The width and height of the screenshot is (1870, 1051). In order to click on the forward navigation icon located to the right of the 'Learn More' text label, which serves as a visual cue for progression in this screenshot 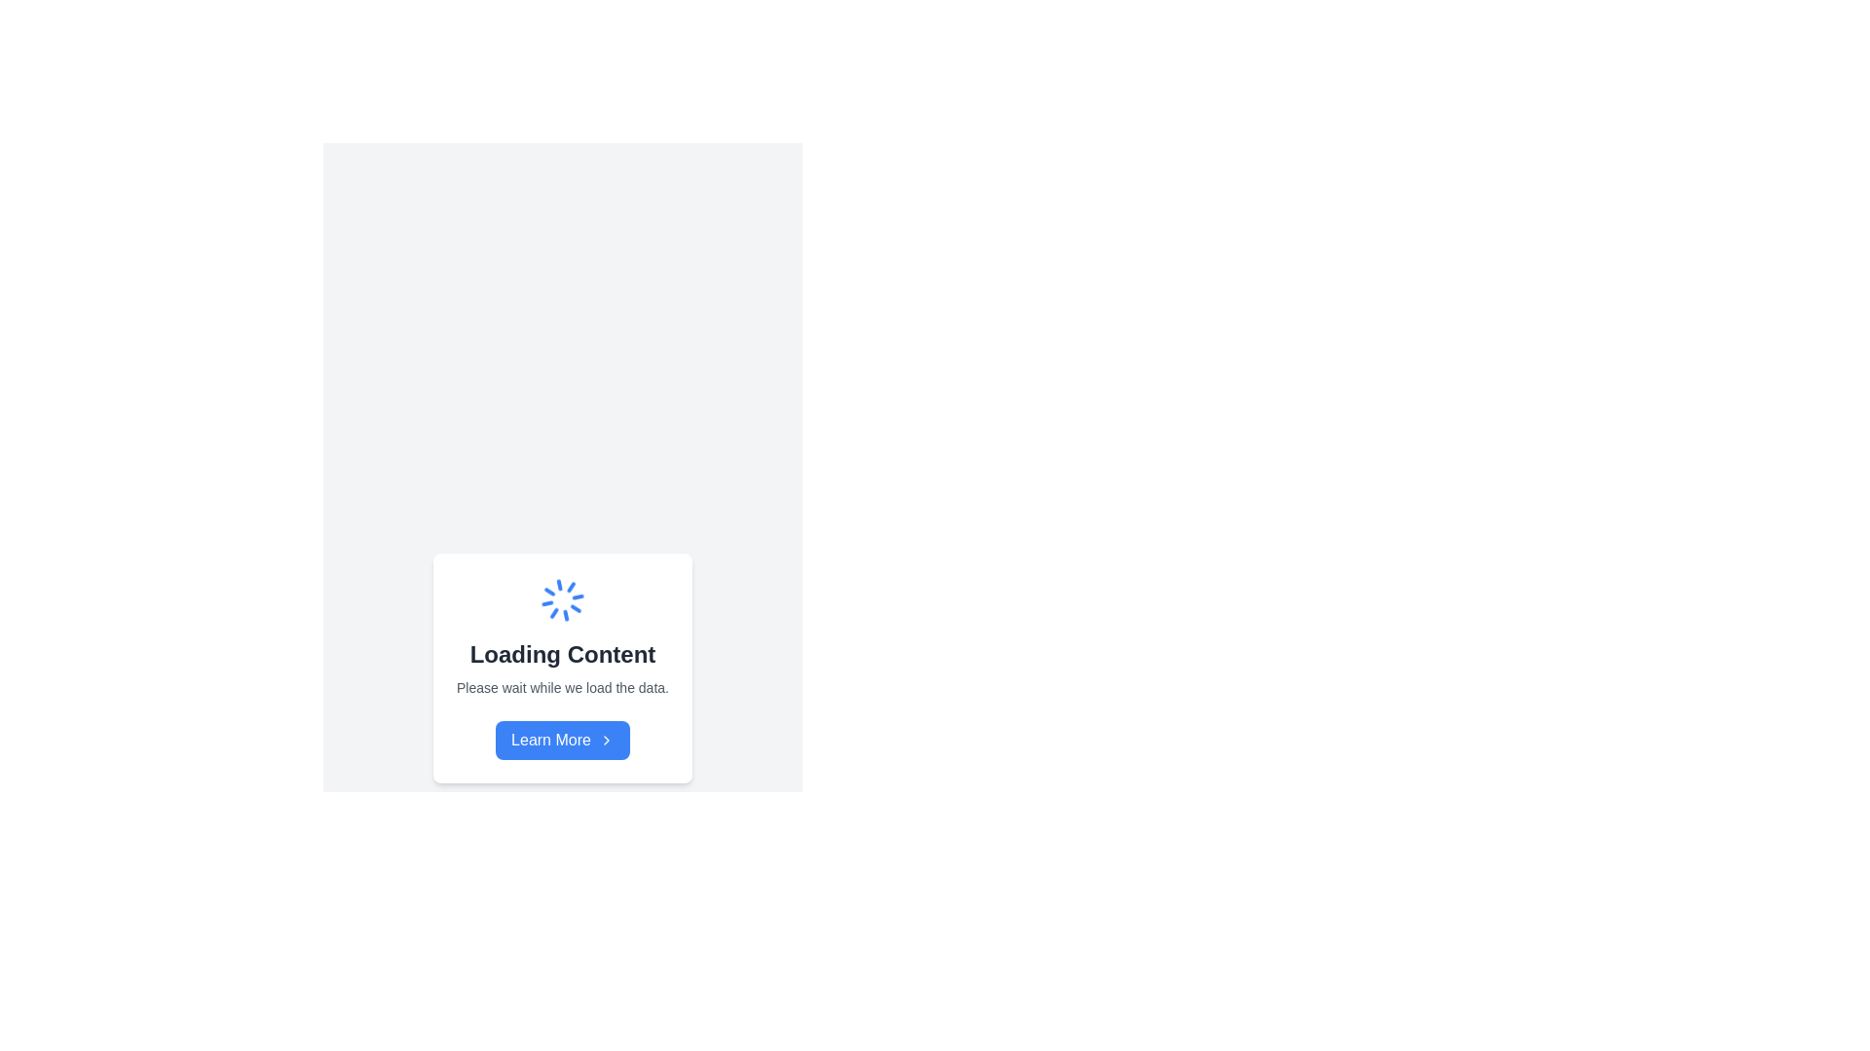, I will do `click(605, 740)`.